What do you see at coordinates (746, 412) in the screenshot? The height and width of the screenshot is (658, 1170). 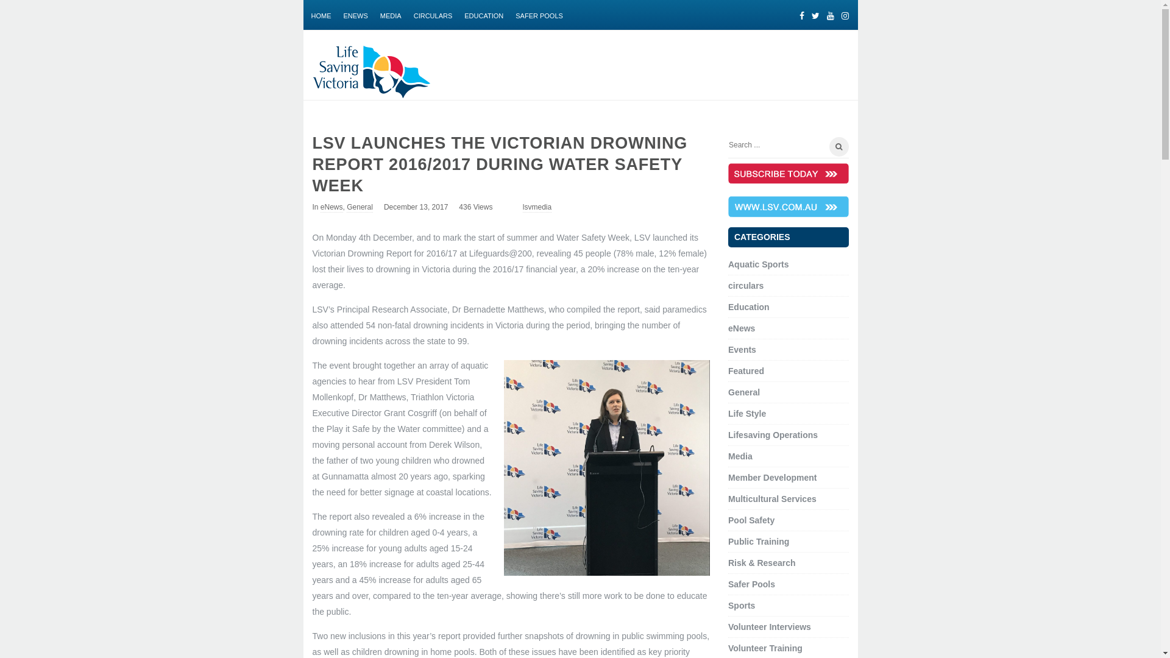 I see `'Life Style'` at bounding box center [746, 412].